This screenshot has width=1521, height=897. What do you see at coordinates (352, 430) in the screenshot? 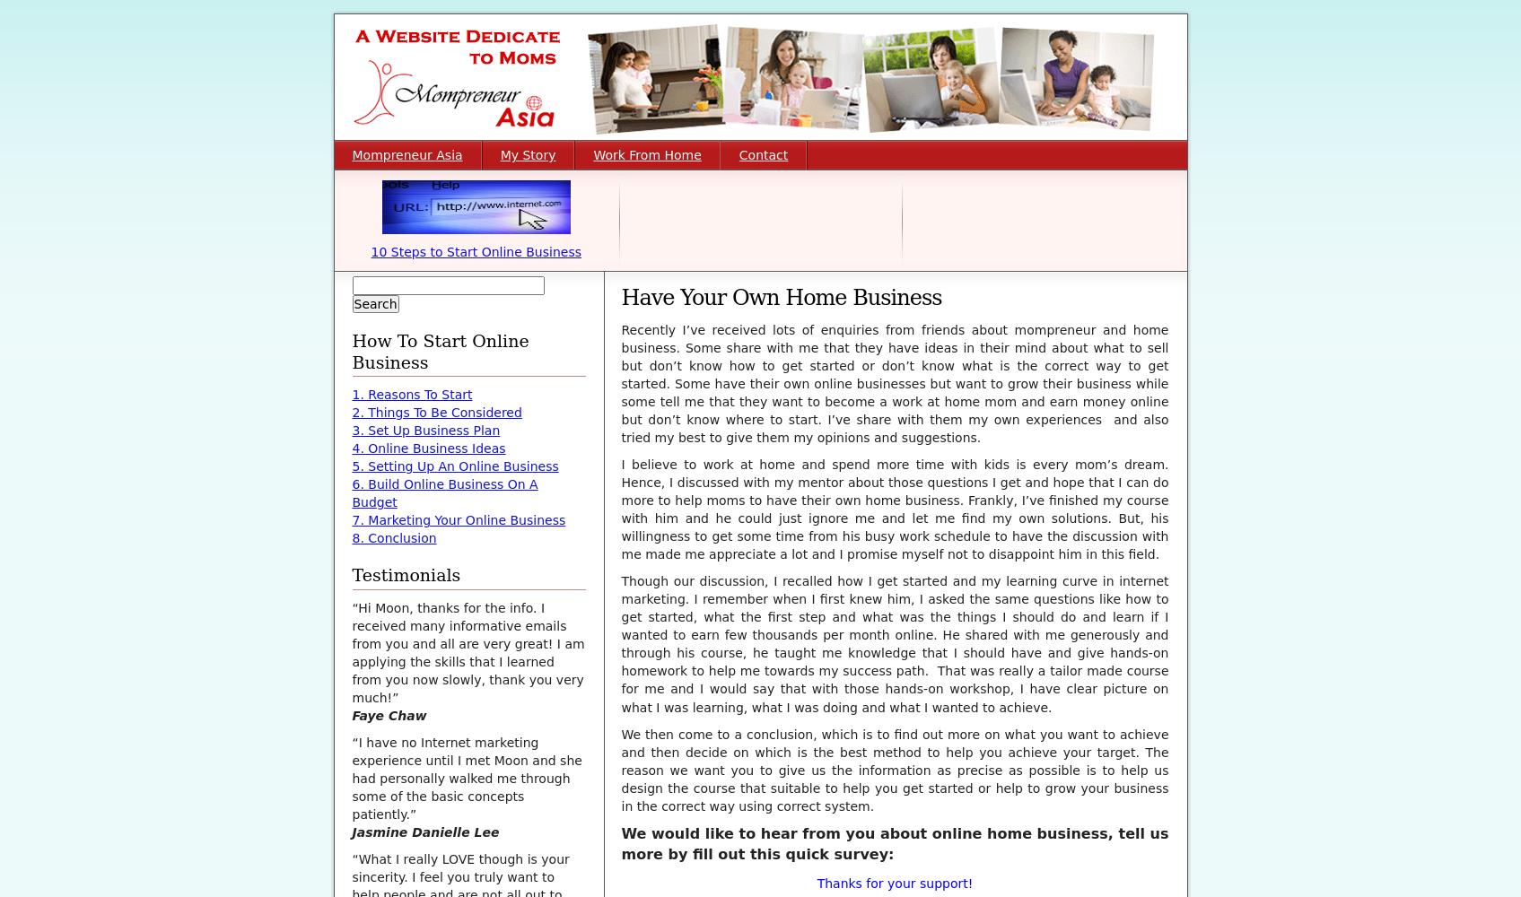
I see `'3. Set Up Business Plan'` at bounding box center [352, 430].